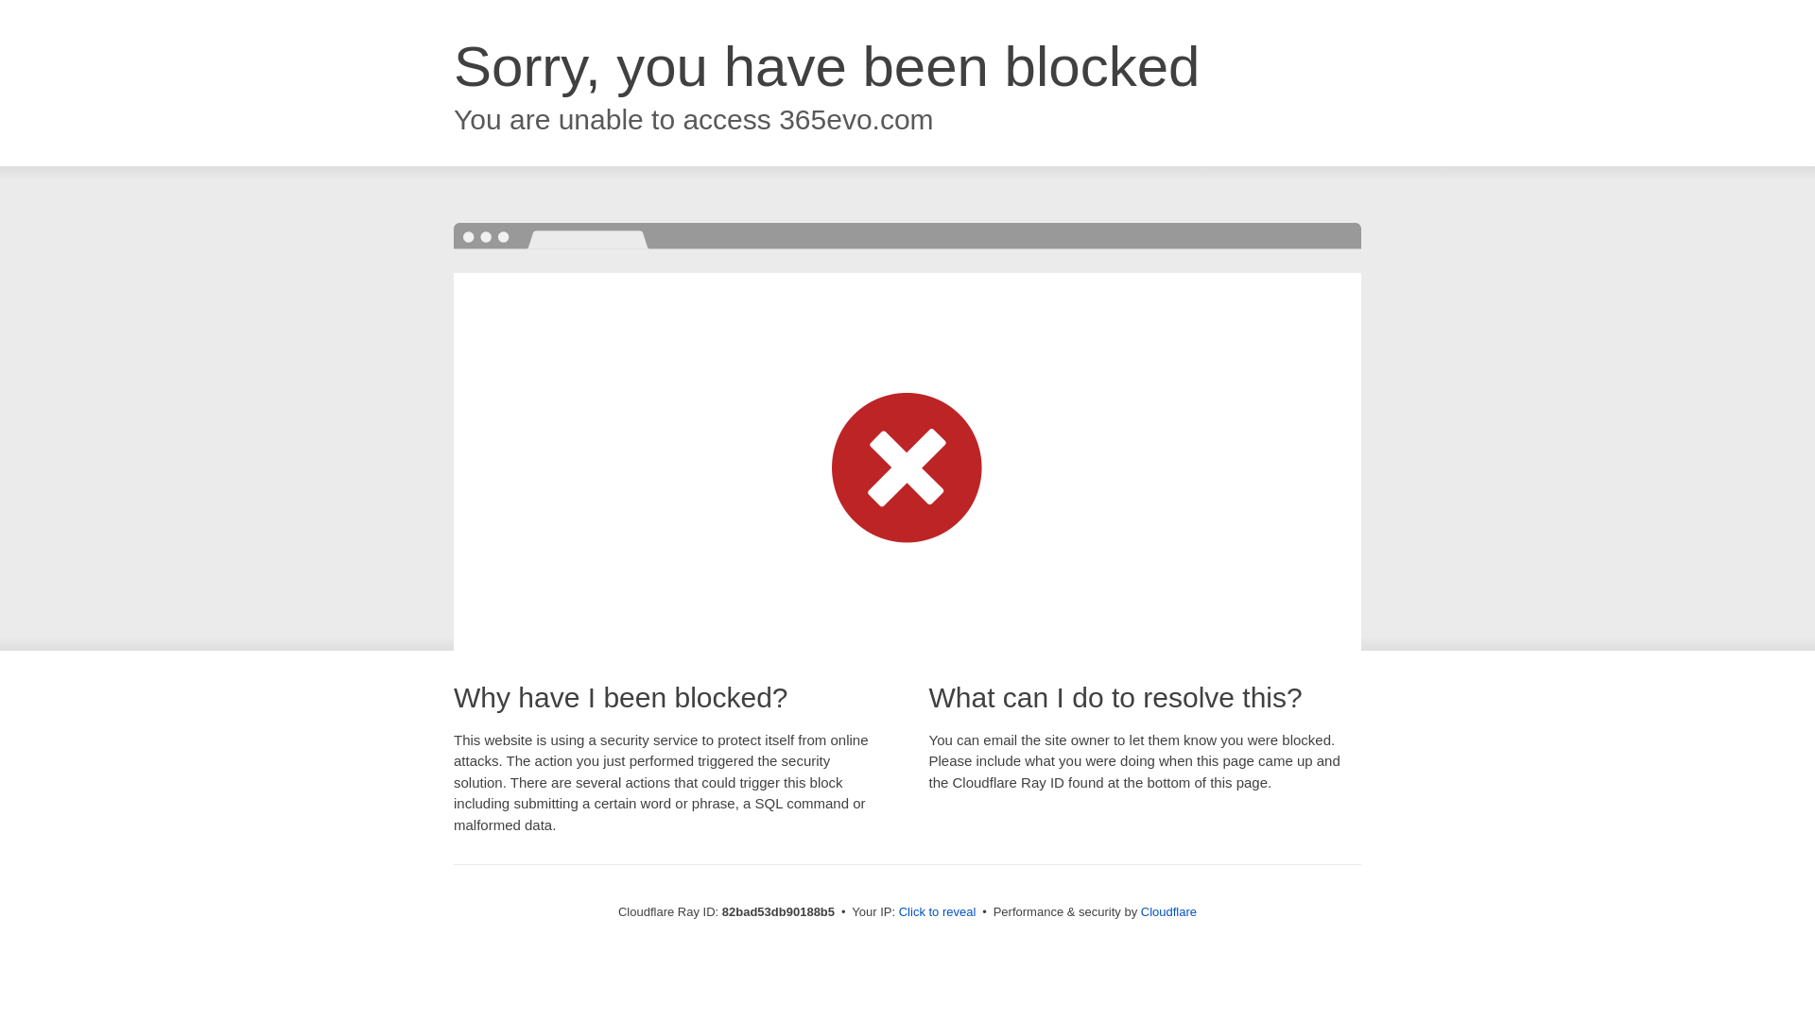  What do you see at coordinates (1167, 910) in the screenshot?
I see `'Cloudflare'` at bounding box center [1167, 910].